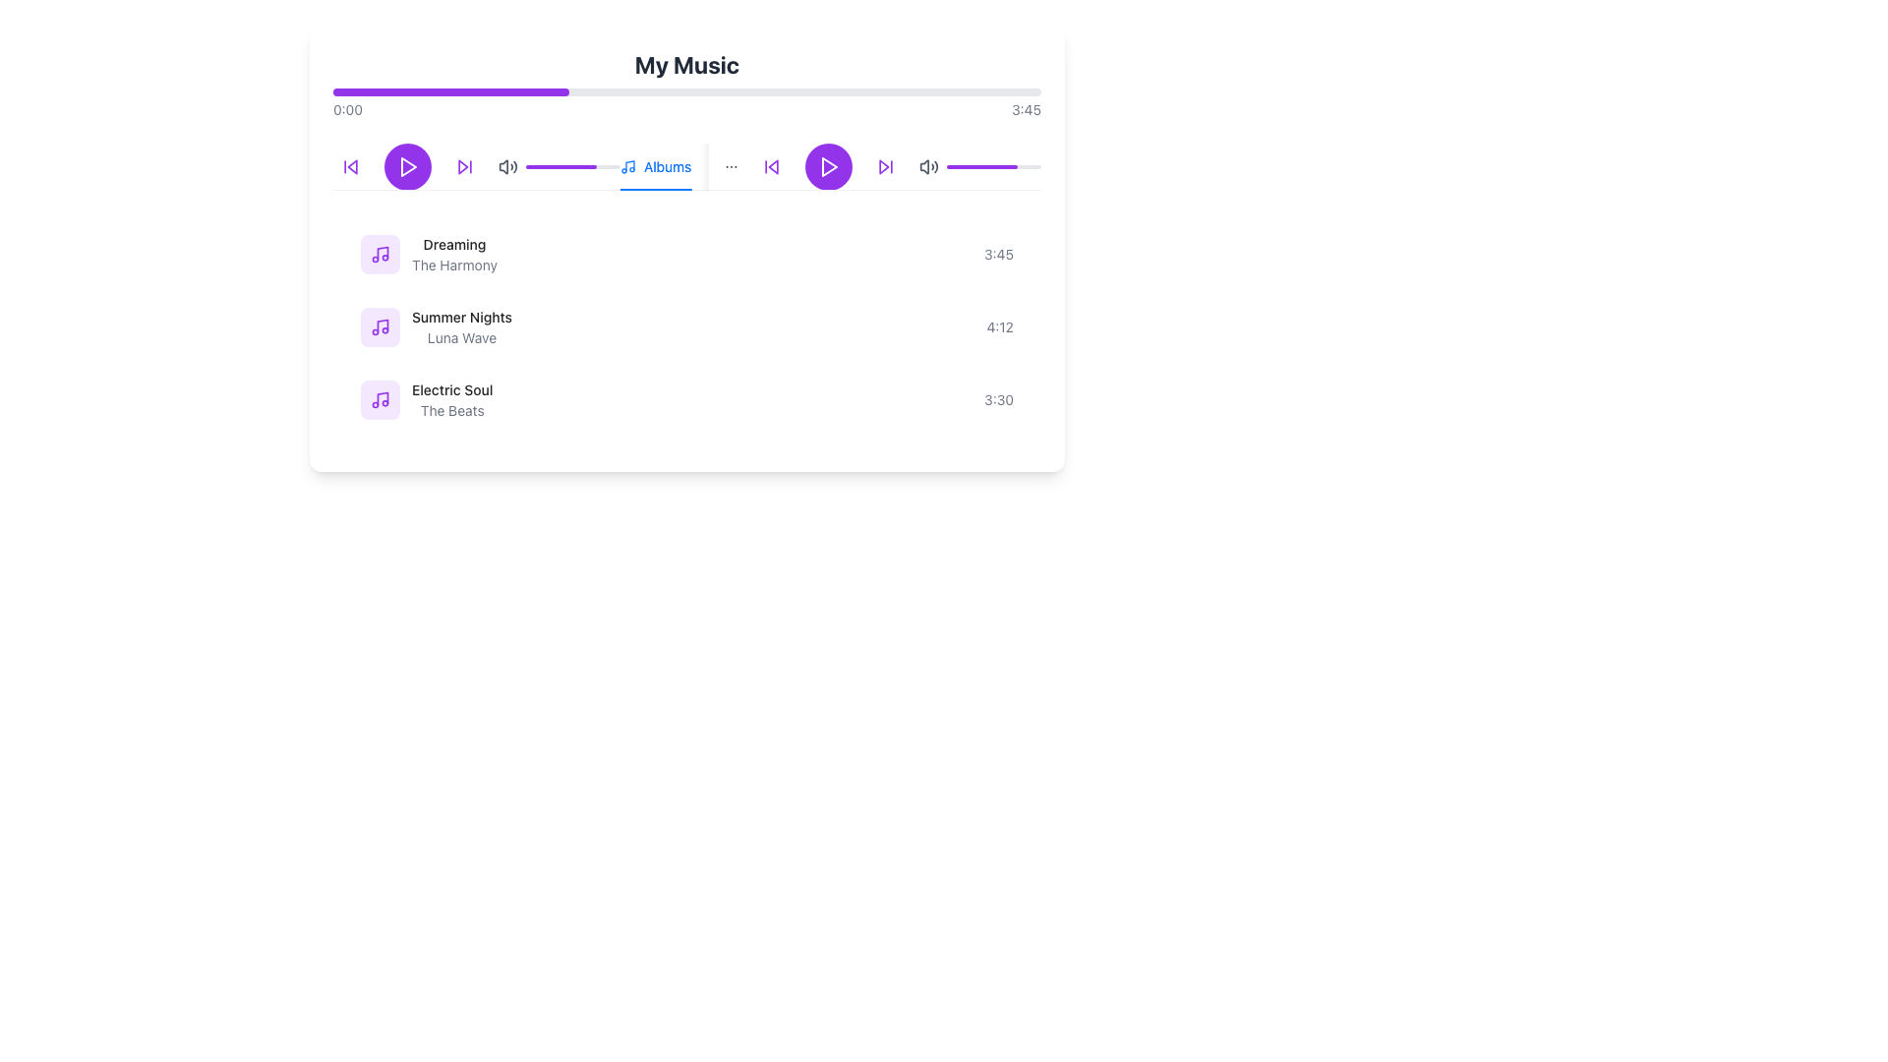 Image resolution: width=1888 pixels, height=1062 pixels. Describe the element at coordinates (531, 165) in the screenshot. I see `playback position` at that location.